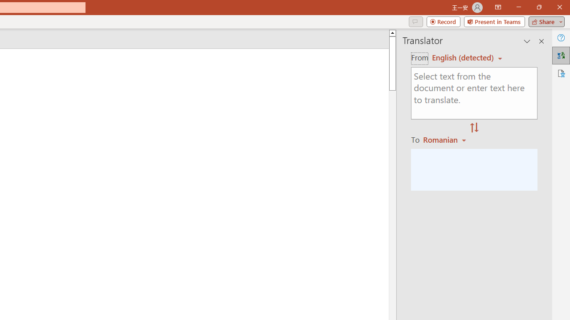 This screenshot has width=570, height=320. I want to click on 'Swap "from" and "to" languages.', so click(474, 128).